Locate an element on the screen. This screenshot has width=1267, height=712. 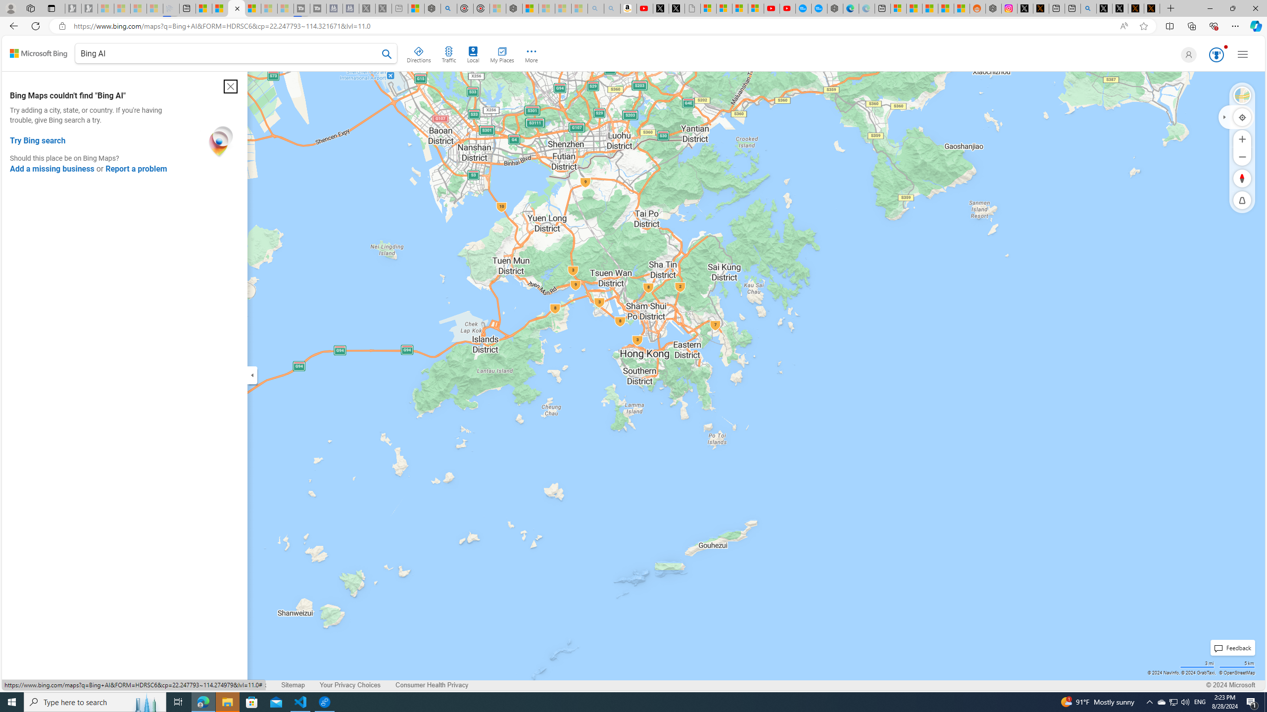
'My Places' is located at coordinates (501, 53).